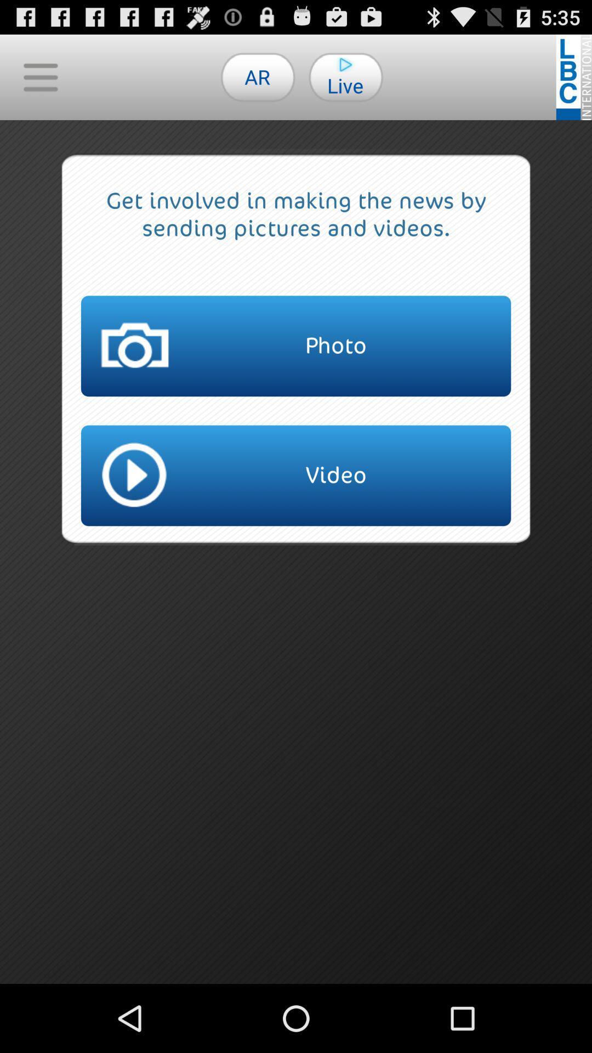  Describe the element at coordinates (258, 76) in the screenshot. I see `icon next to live item` at that location.